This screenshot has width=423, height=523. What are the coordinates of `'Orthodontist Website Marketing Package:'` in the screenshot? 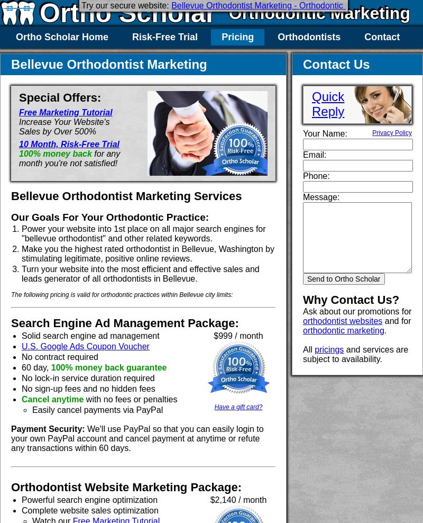 It's located at (126, 486).